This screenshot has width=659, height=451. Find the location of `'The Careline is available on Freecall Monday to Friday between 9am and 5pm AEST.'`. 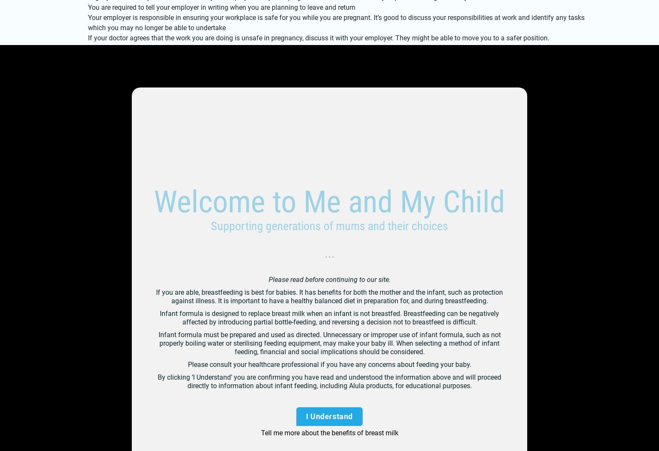

'The Careline is available on Freecall Monday to Friday between 9am and 5pm AEST.' is located at coordinates (200, 180).